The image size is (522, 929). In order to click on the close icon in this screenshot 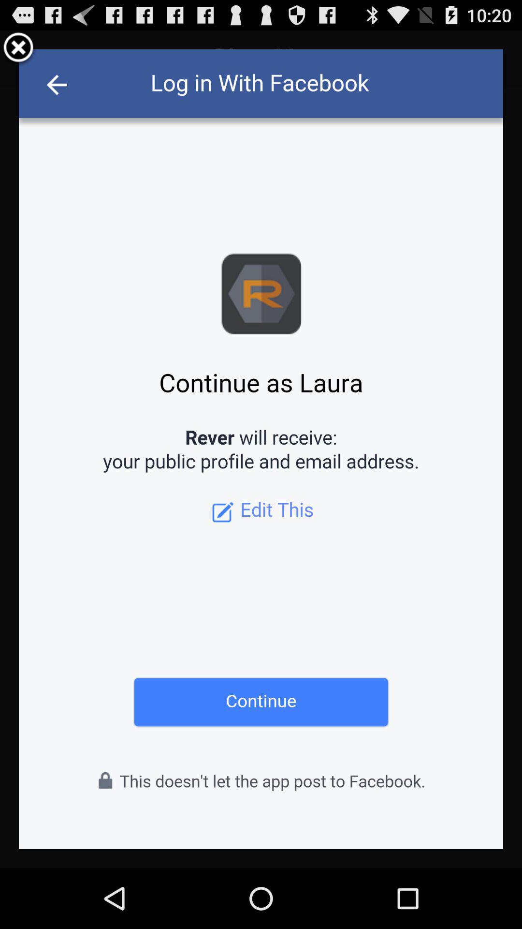, I will do `click(18, 52)`.